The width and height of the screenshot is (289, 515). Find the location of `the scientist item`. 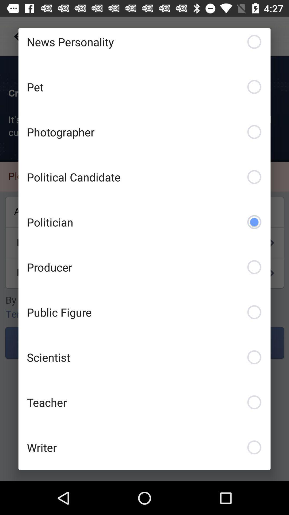

the scientist item is located at coordinates (144, 357).